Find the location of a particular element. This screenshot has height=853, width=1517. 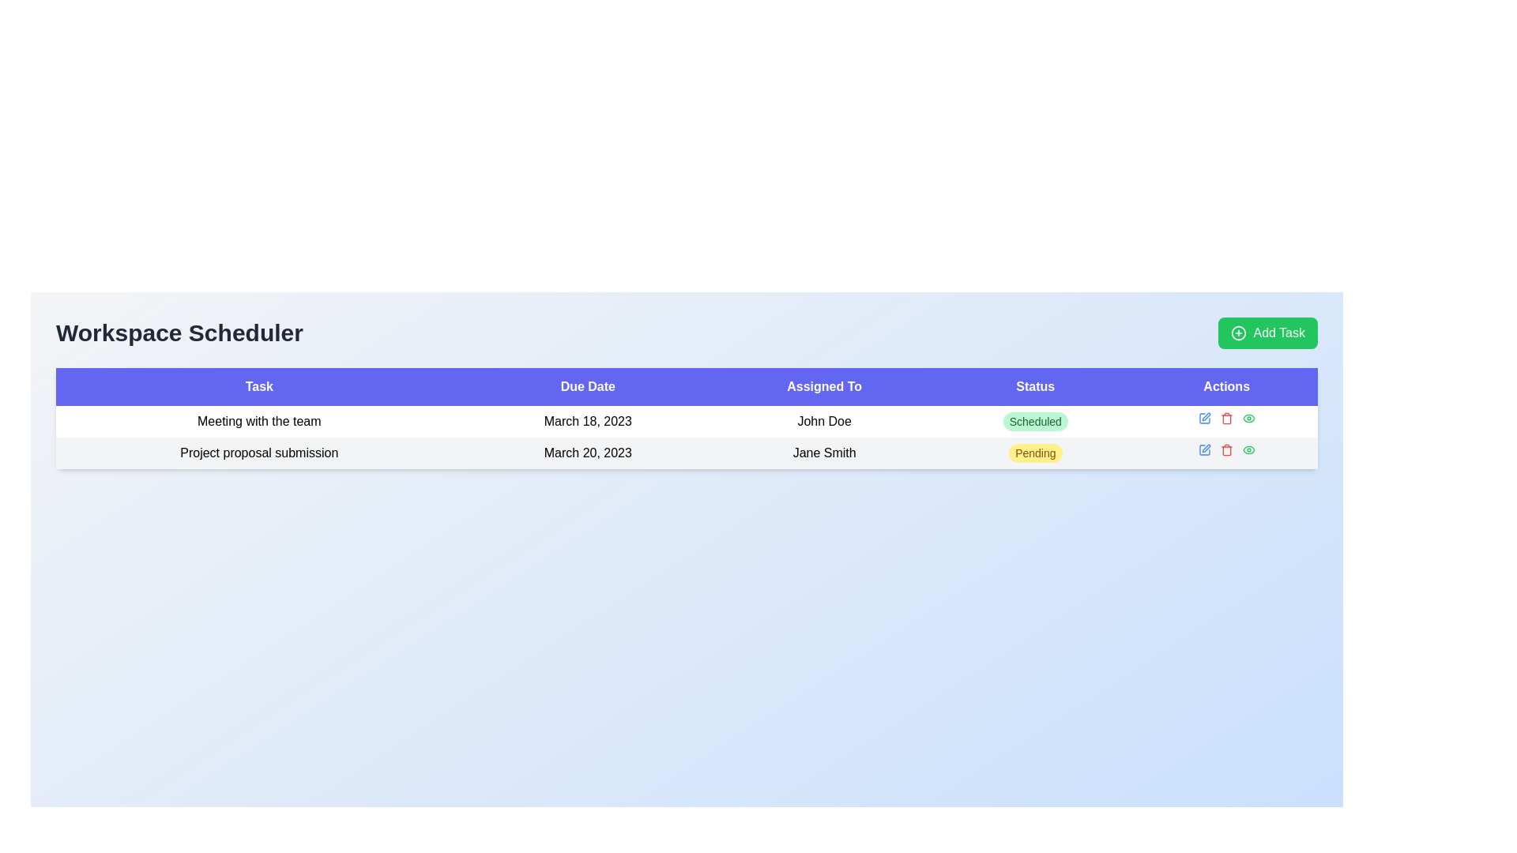

the trash can-shaped delete button located in the 'Actions' column of the second row of the task table is located at coordinates (1225, 417).